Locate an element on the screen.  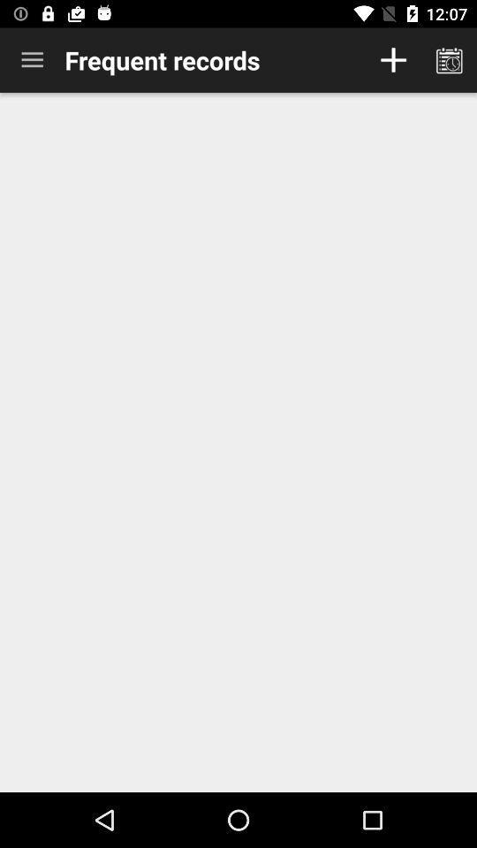
item is located at coordinates (393, 60).